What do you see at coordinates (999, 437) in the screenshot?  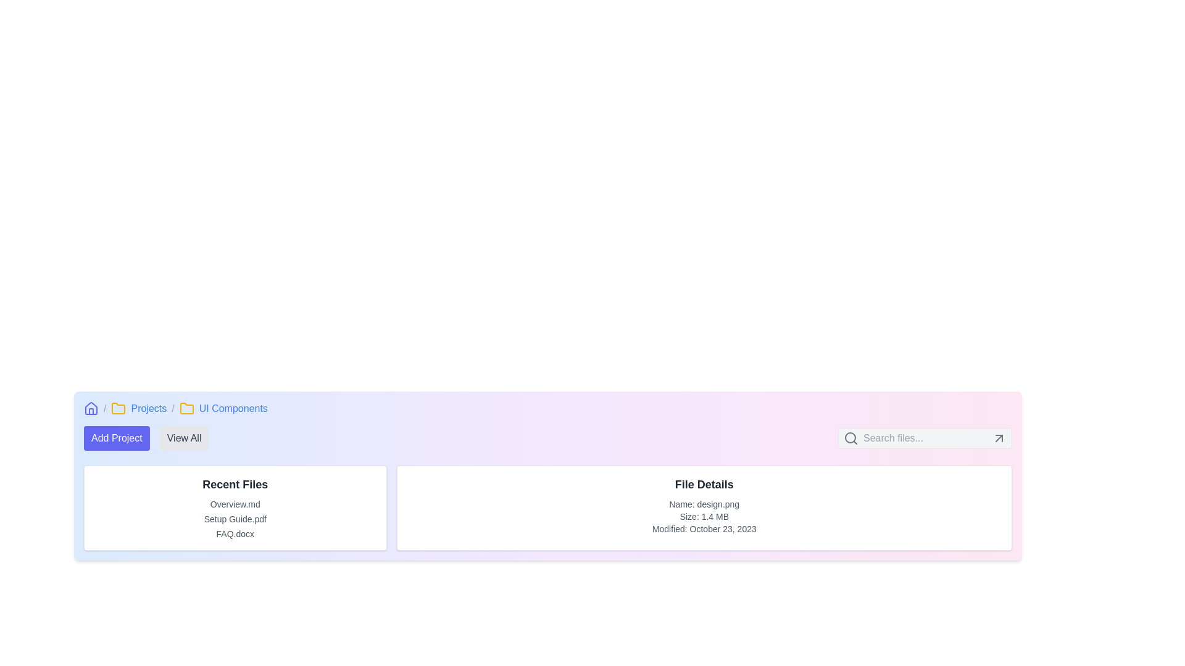 I see `the shortcut or link icon located at the far right of the search bar in the top-right corner` at bounding box center [999, 437].